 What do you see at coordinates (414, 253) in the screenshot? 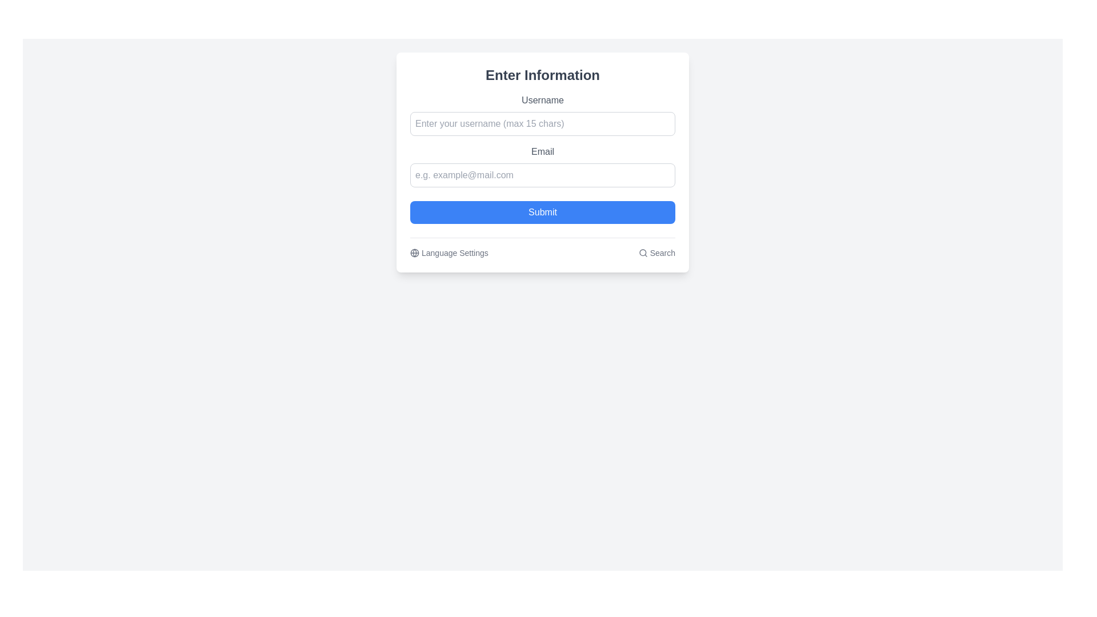
I see `the decorative Circle element within the SVG graphic representing the globe icon, located near the 'Language Settings' label` at bounding box center [414, 253].